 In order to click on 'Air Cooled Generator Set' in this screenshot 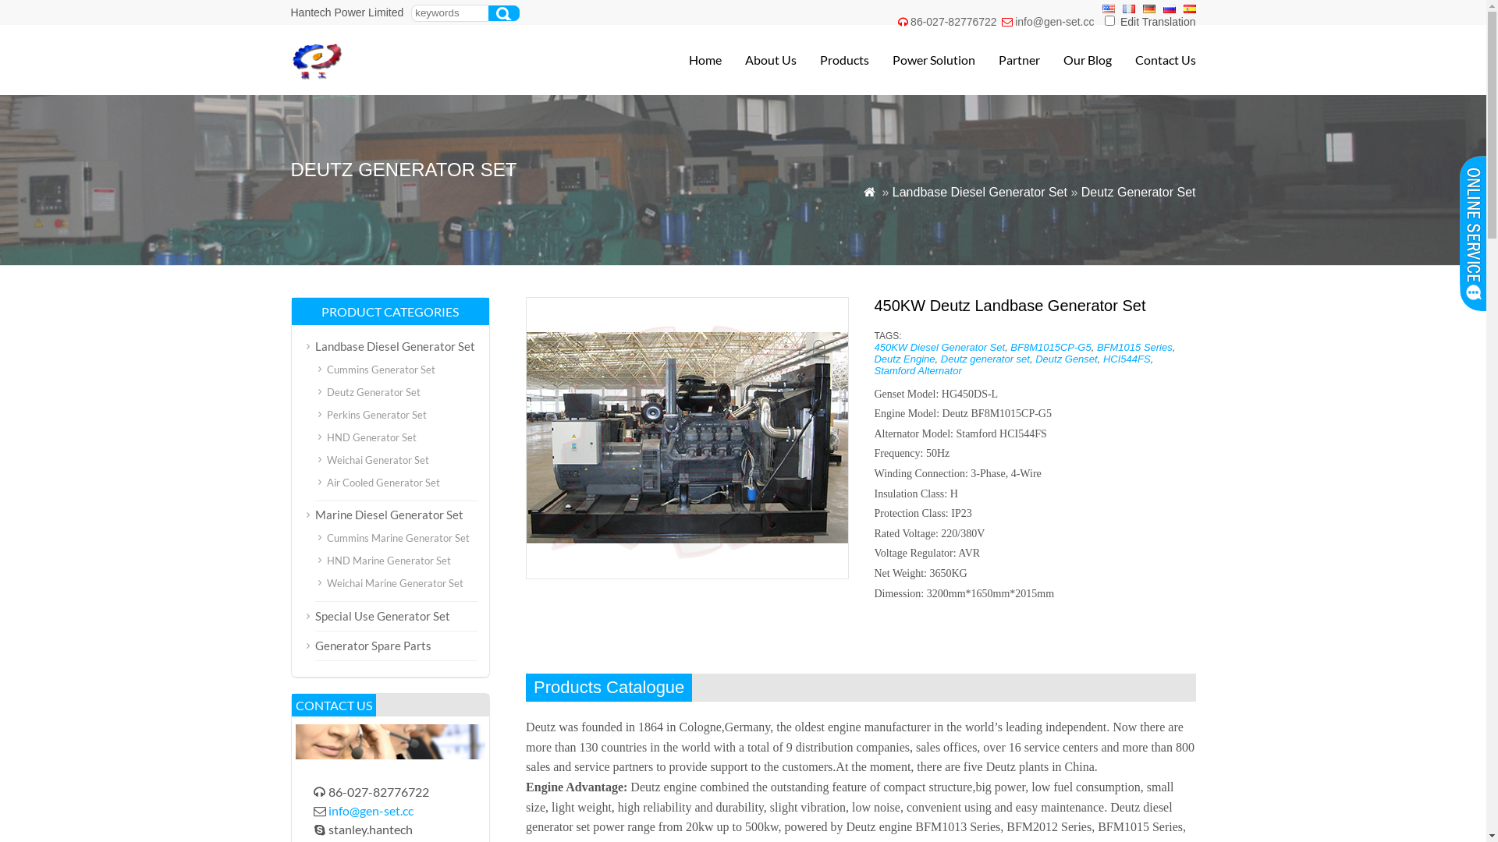, I will do `click(325, 481)`.